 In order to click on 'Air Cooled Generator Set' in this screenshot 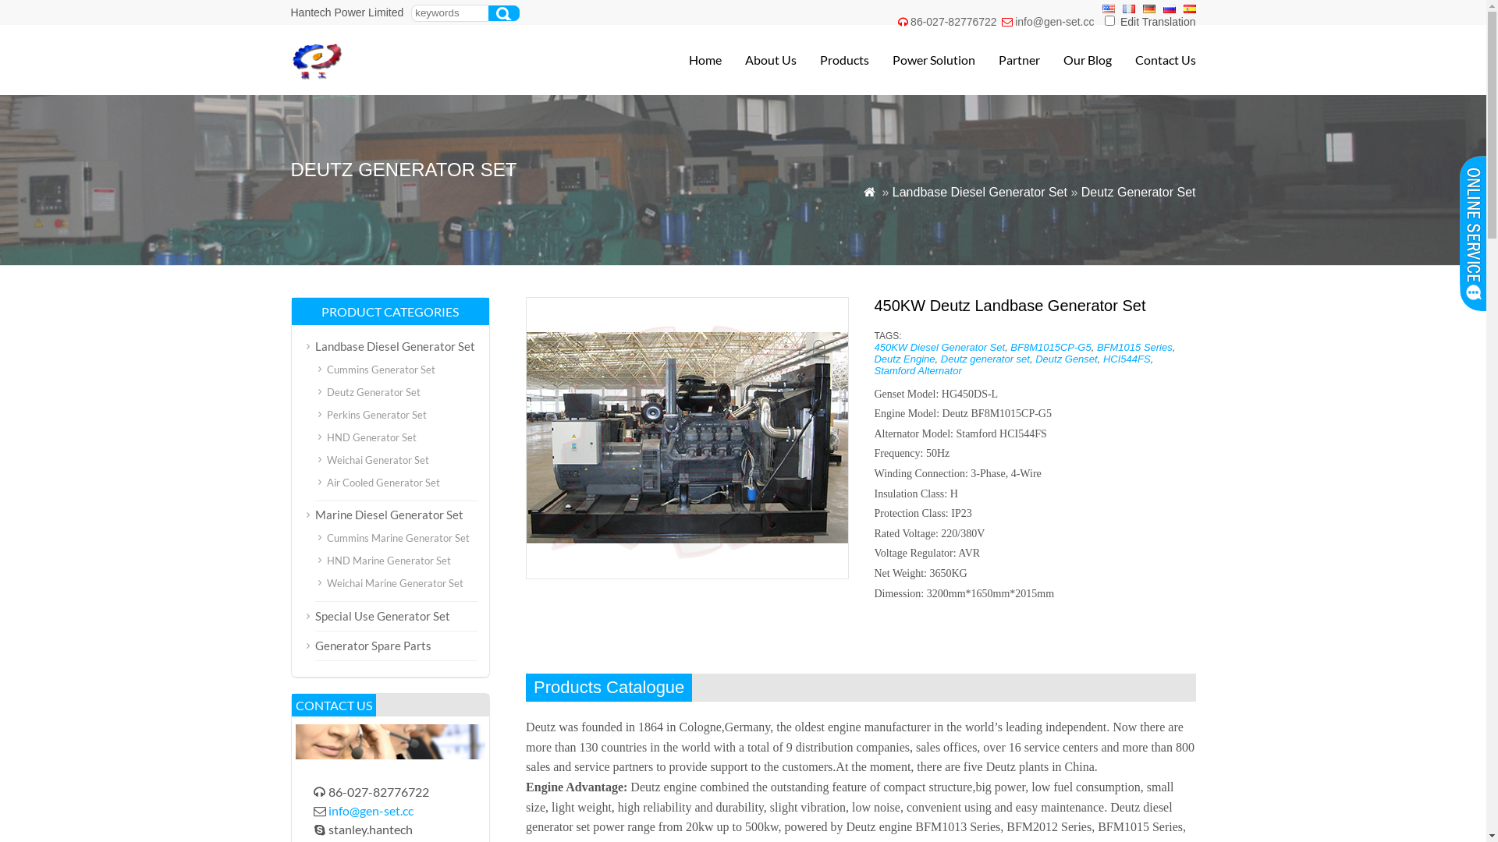, I will do `click(325, 481)`.